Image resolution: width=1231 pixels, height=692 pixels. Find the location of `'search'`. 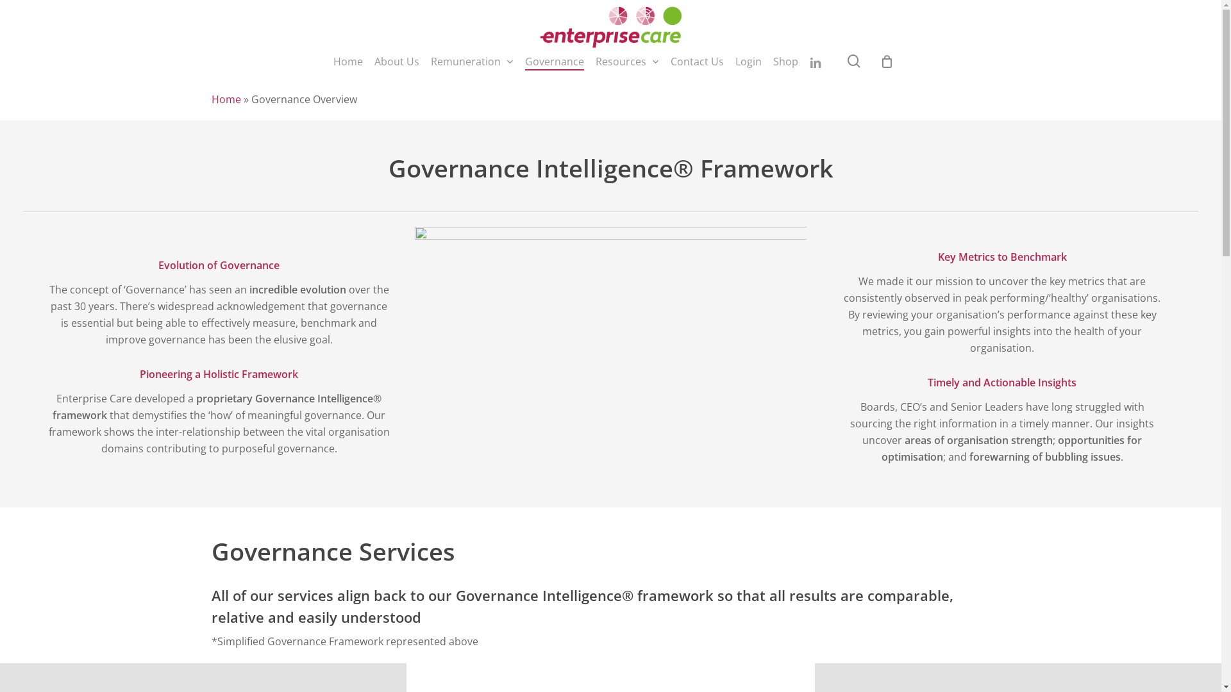

'search' is located at coordinates (853, 61).